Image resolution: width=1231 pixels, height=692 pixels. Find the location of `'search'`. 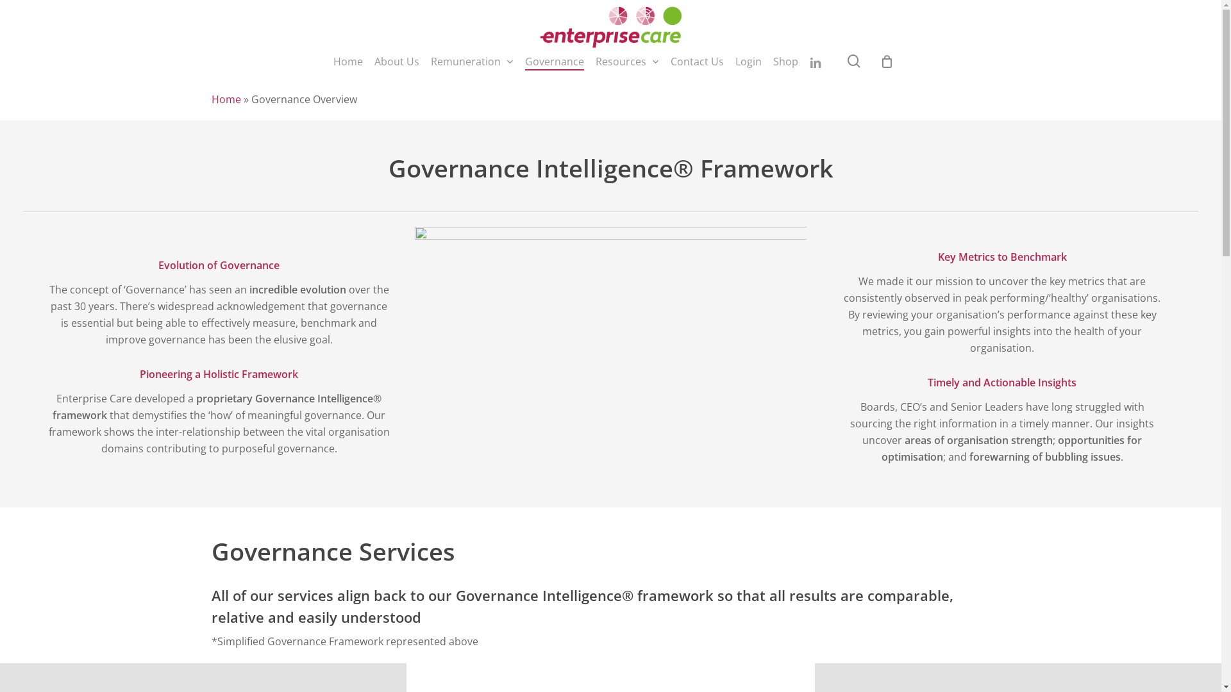

'search' is located at coordinates (853, 61).